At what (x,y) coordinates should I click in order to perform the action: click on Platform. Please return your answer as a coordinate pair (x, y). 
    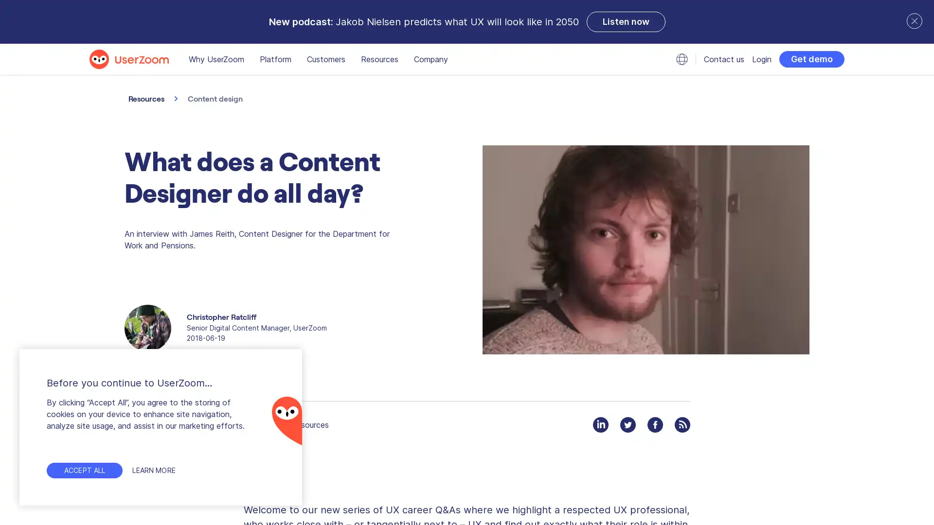
    Looking at the image, I should click on (275, 59).